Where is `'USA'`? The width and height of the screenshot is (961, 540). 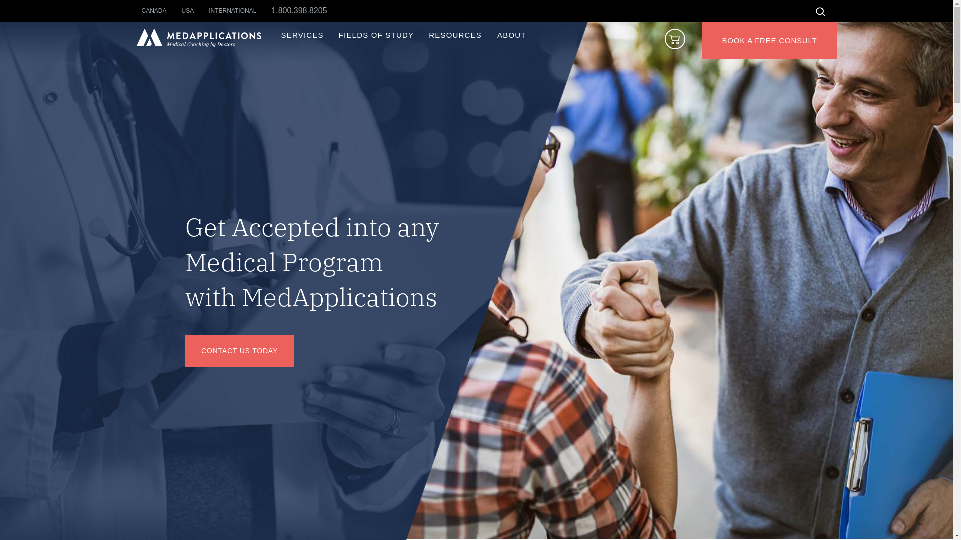
'USA' is located at coordinates (195, 11).